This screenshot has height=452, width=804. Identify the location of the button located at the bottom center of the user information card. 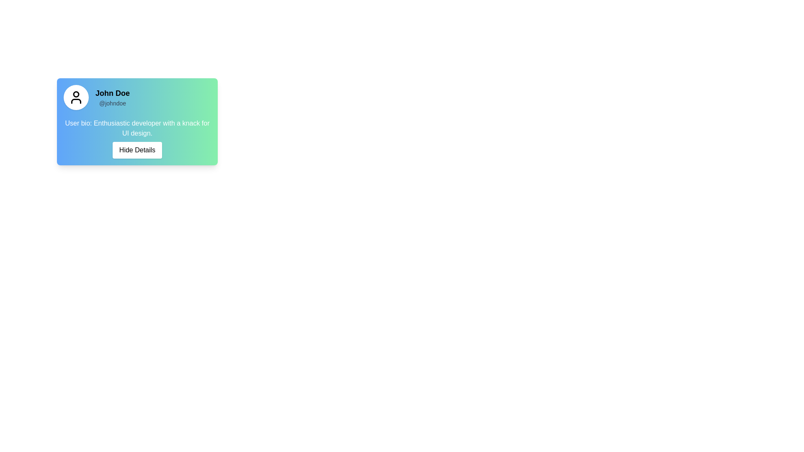
(137, 149).